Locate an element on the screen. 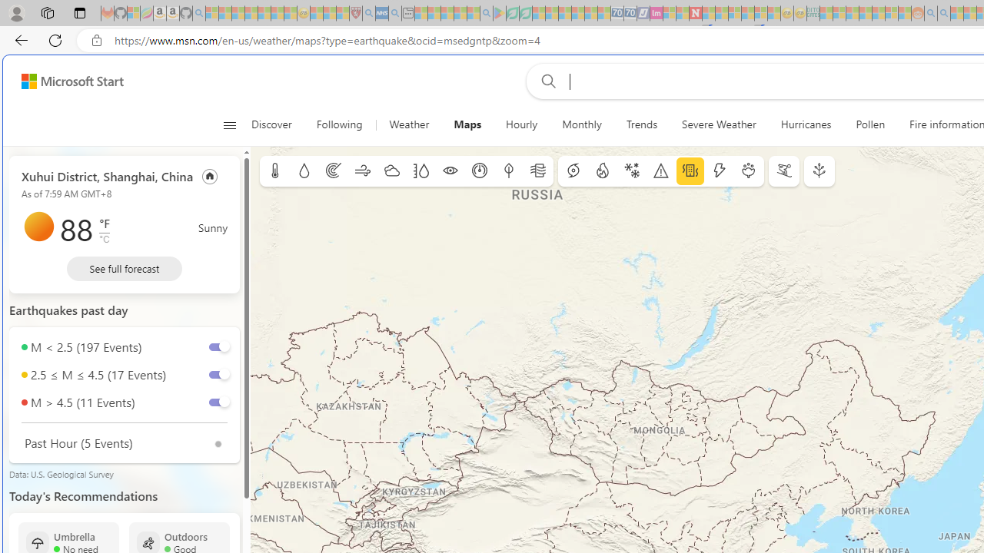 This screenshot has width=984, height=553. 'Cheap Car Rentals - Save70.com - Sleeping' is located at coordinates (617, 13).